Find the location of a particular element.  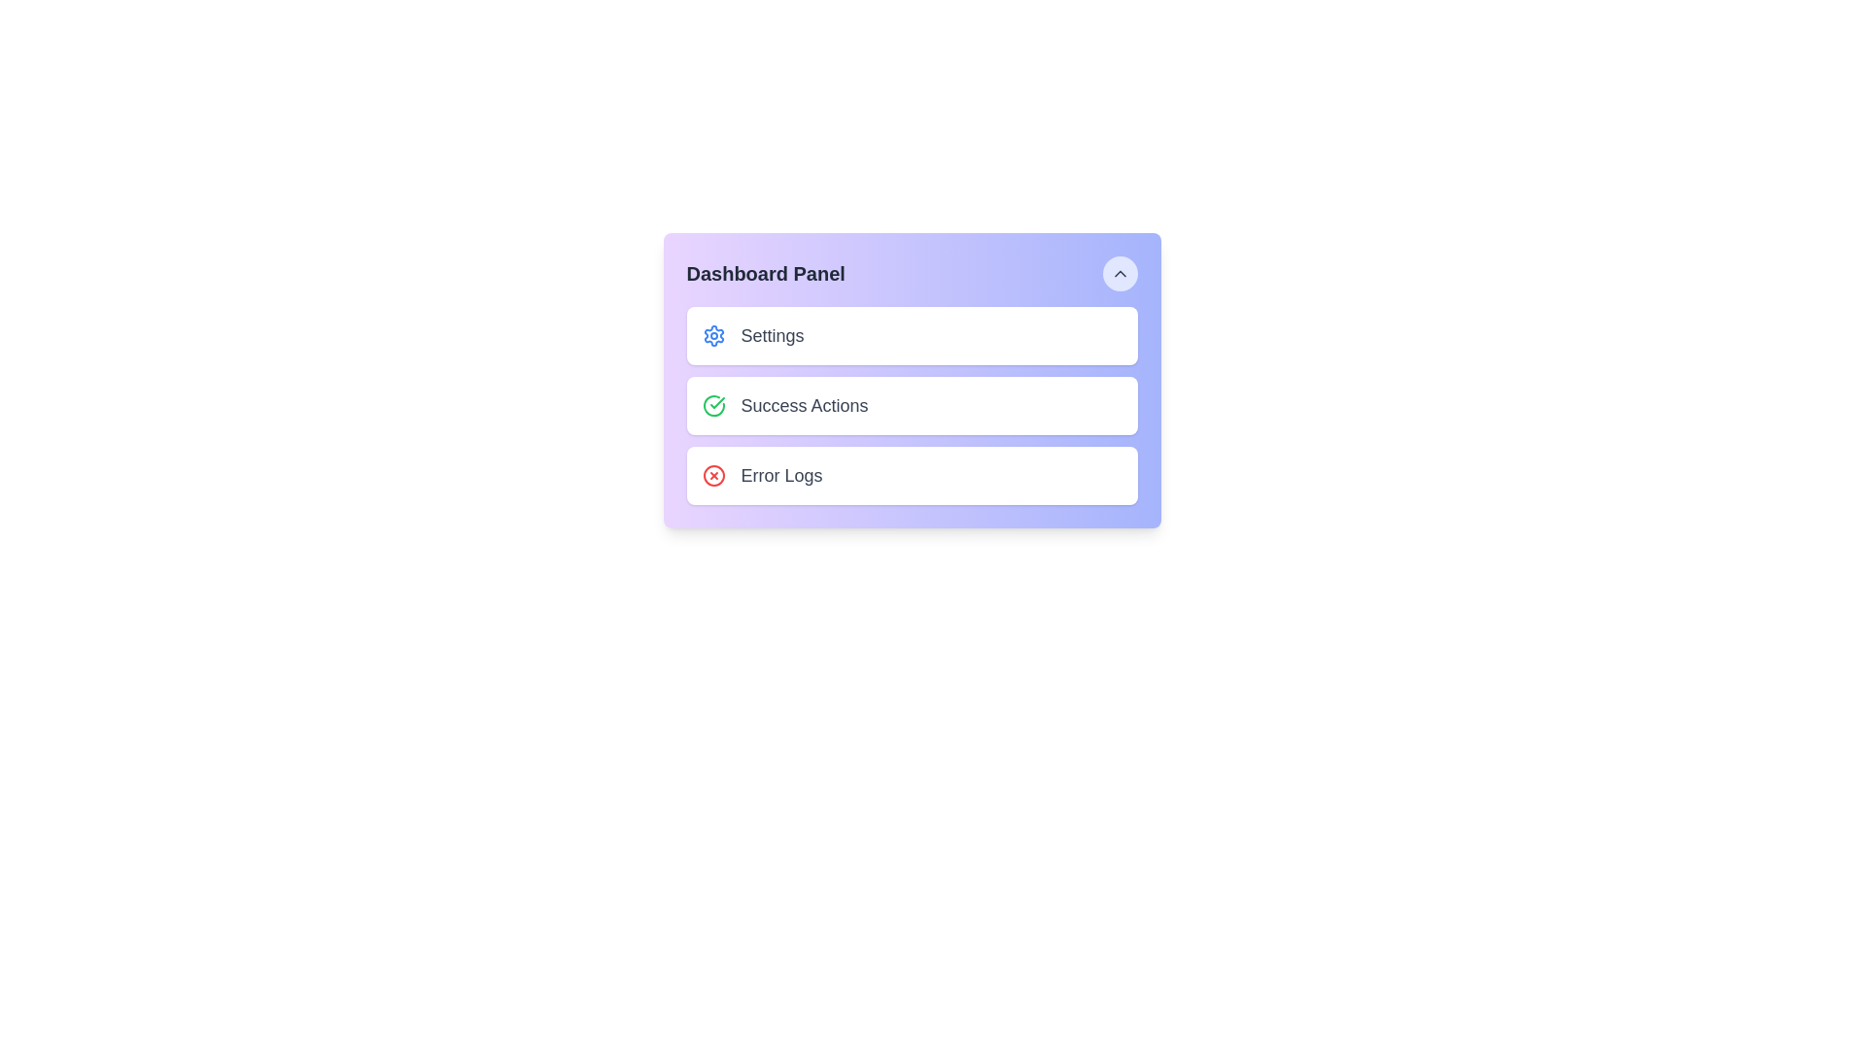

the 'Success Actions' group card located in the Dashboard Panel, which is the second item in a vertical list between 'Settings' and 'Error Logs.' is located at coordinates (911, 404).